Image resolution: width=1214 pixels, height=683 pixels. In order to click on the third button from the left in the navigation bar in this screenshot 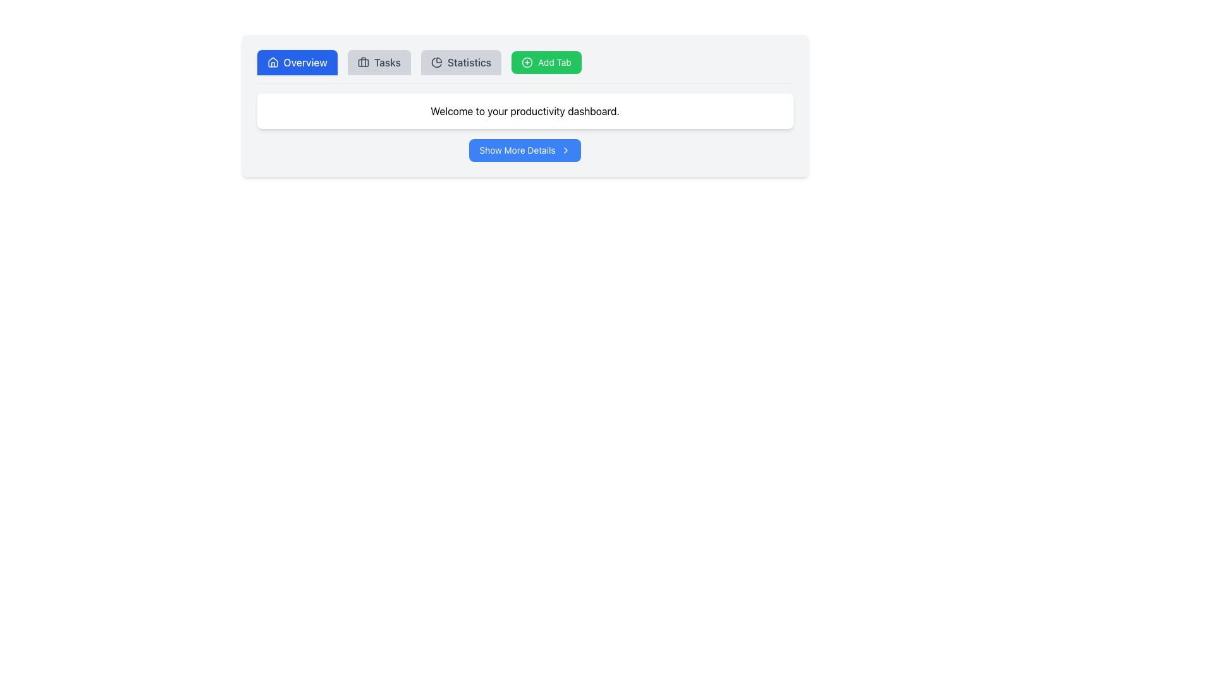, I will do `click(460, 63)`.